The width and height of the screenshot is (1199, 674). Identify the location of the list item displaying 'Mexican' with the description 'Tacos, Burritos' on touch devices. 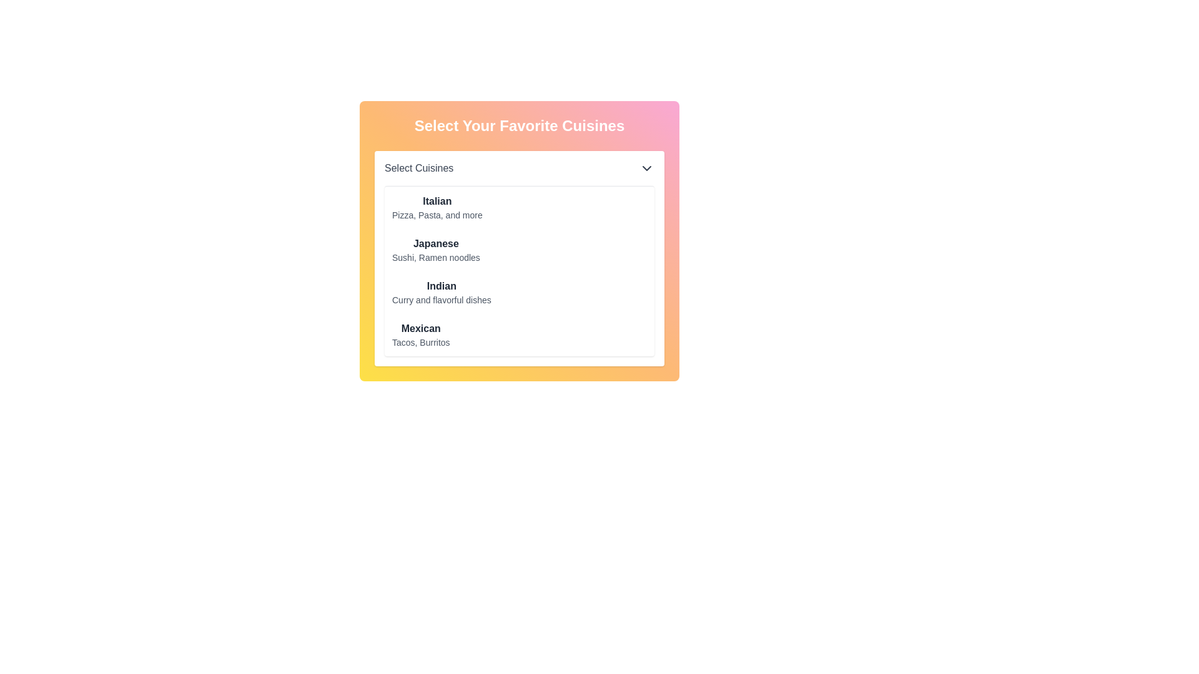
(420, 334).